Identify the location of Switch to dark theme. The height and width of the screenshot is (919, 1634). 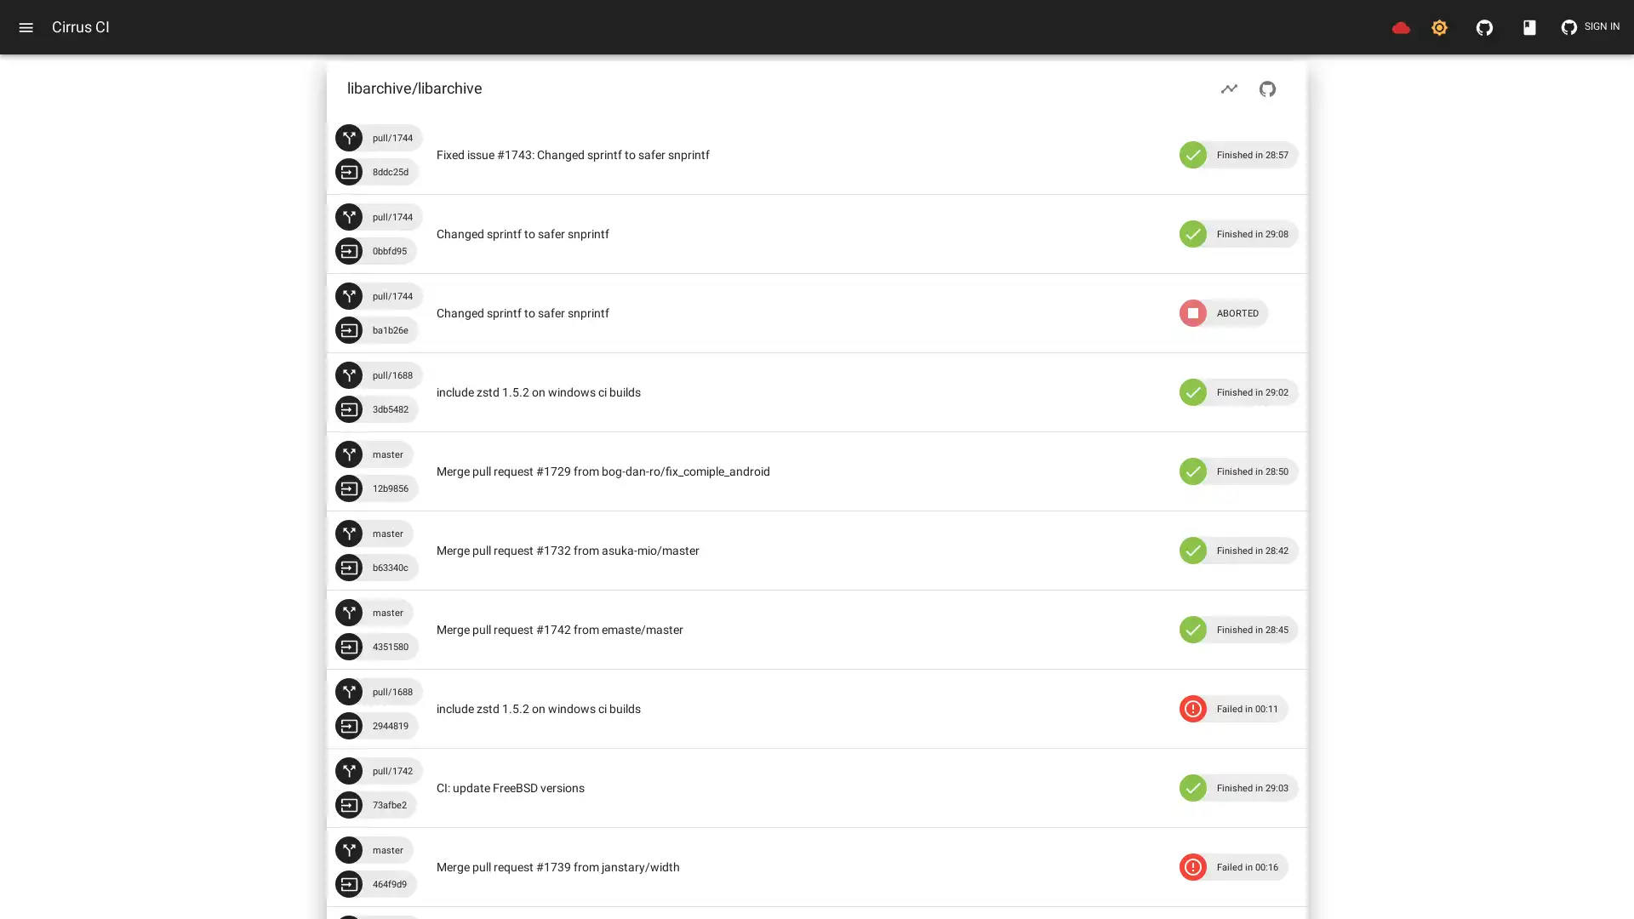
(1438, 26).